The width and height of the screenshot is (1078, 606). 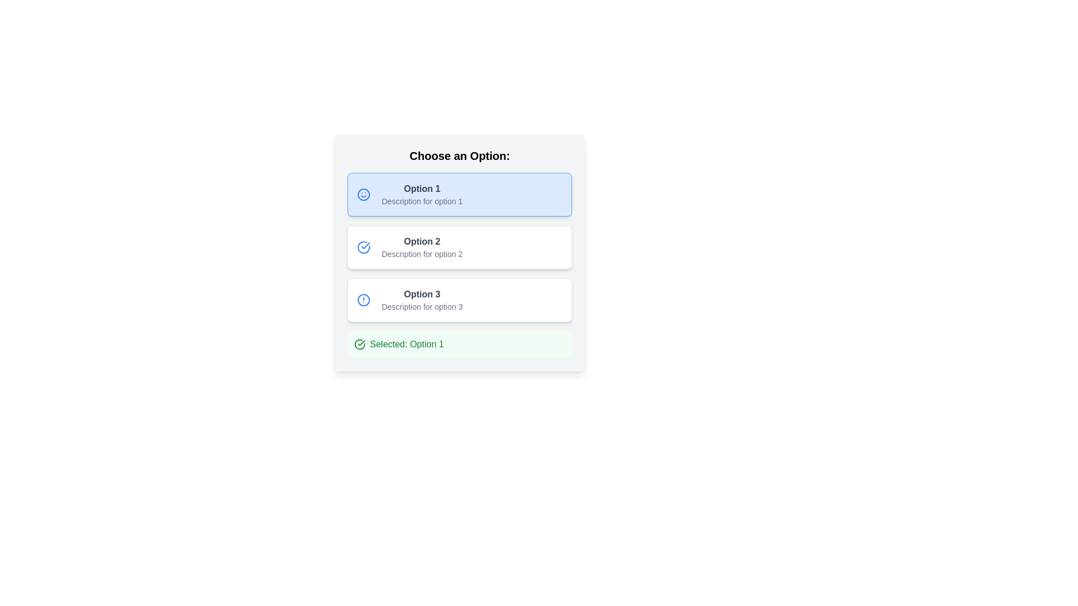 What do you see at coordinates (366, 246) in the screenshot?
I see `the blue circular icon resembling a check mark within the 'Option 2' box to trigger visual feedback` at bounding box center [366, 246].